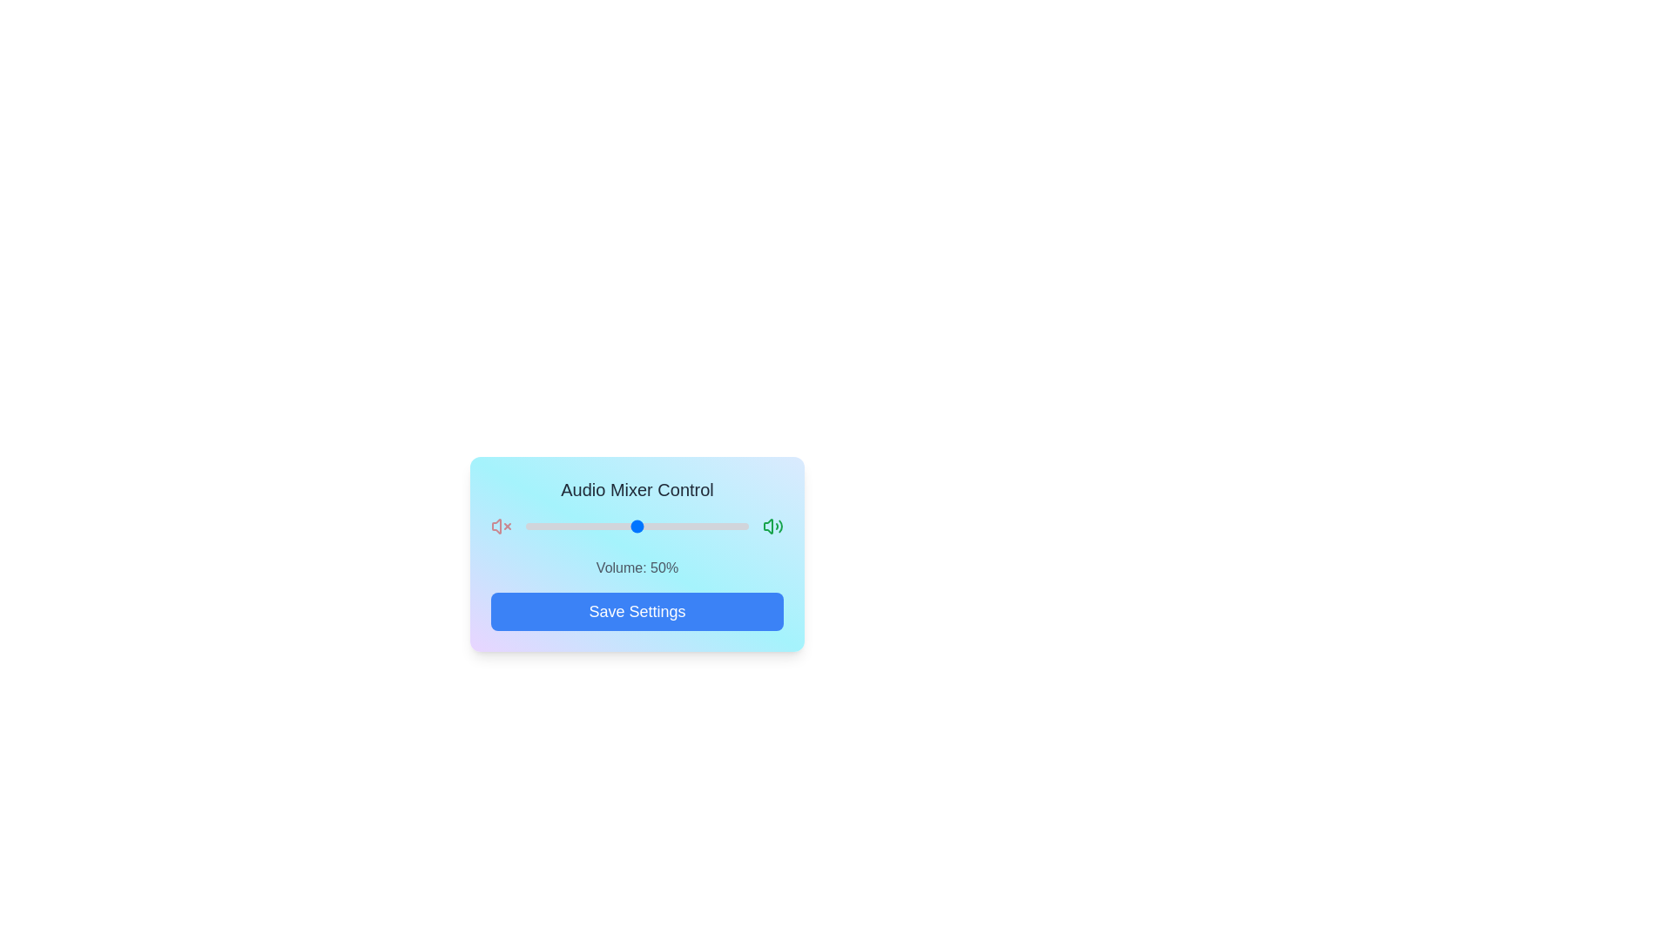 This screenshot has height=940, width=1672. Describe the element at coordinates (636, 610) in the screenshot. I see `'Save Settings' button to save the current volume state` at that location.